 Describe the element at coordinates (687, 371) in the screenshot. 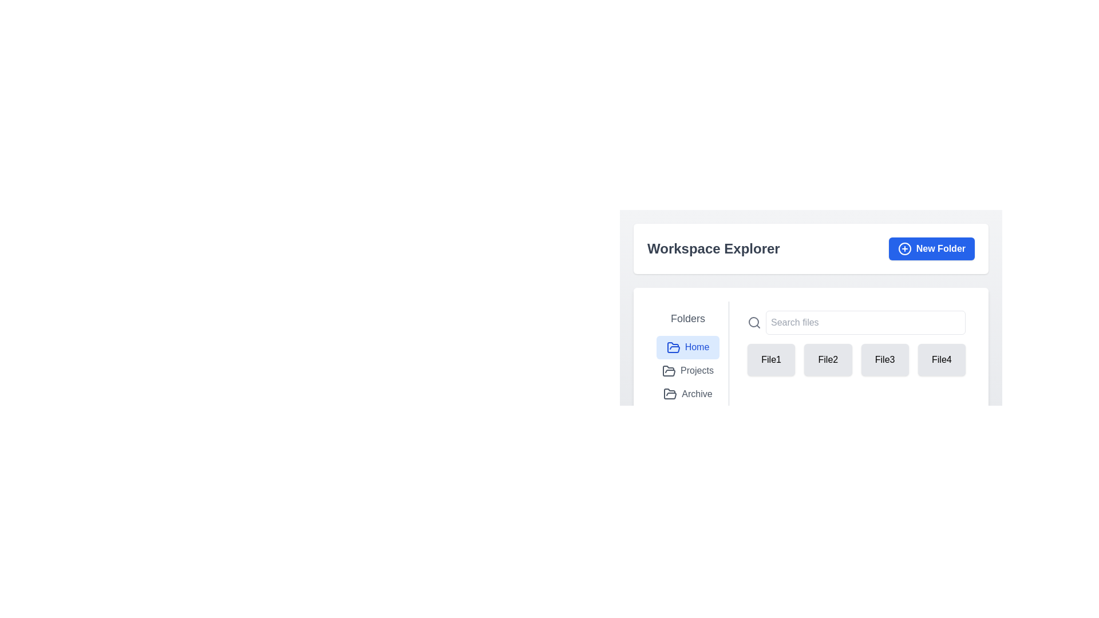

I see `the 'Projects' folder navigation entry` at that location.